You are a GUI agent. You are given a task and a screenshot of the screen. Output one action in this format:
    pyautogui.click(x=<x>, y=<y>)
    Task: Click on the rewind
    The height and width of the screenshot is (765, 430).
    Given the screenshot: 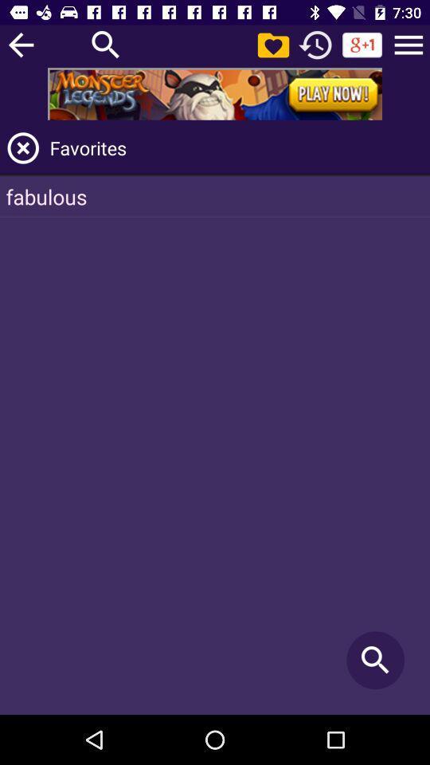 What is the action you would take?
    pyautogui.click(x=315, y=44)
    